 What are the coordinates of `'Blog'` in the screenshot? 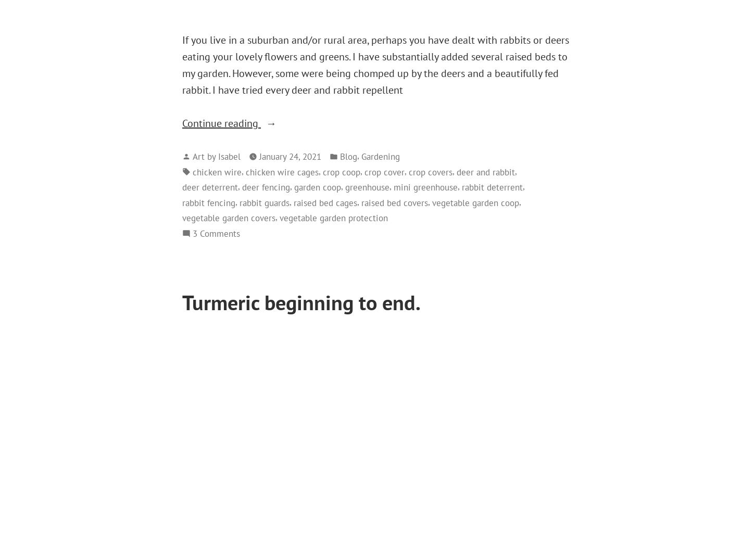 It's located at (348, 155).